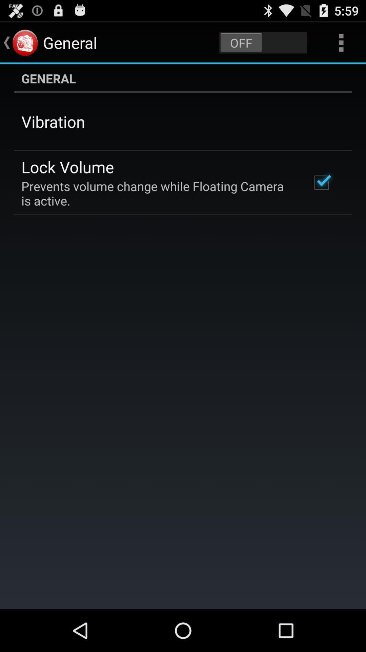 The height and width of the screenshot is (652, 366). What do you see at coordinates (67, 167) in the screenshot?
I see `lock volume` at bounding box center [67, 167].